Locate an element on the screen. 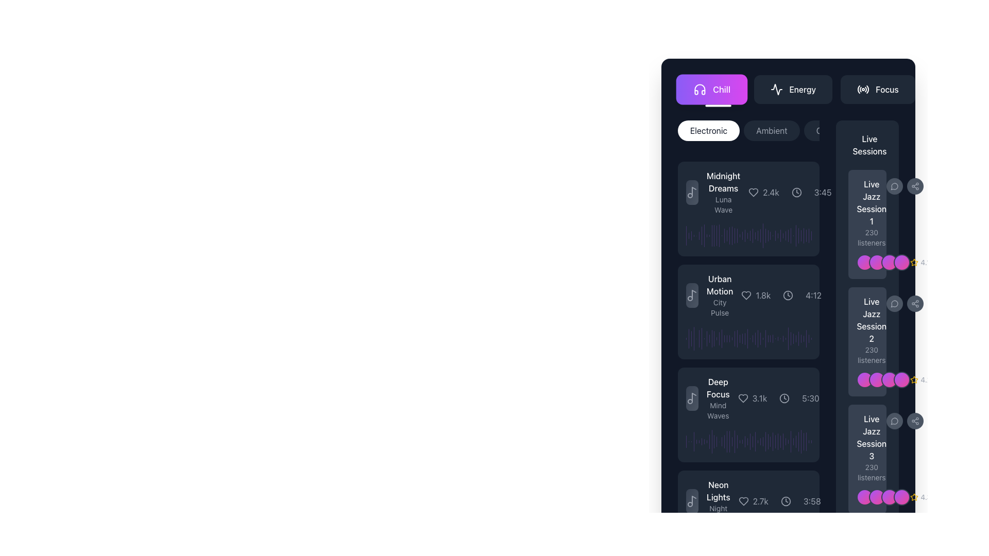  the rounded rectangular icon with a gradient dark gray background that contains a light gray musical note graphic, located in the left sidebar near the text 'Midnight Dreams' and 'Luna Wave' is located at coordinates (692, 193).